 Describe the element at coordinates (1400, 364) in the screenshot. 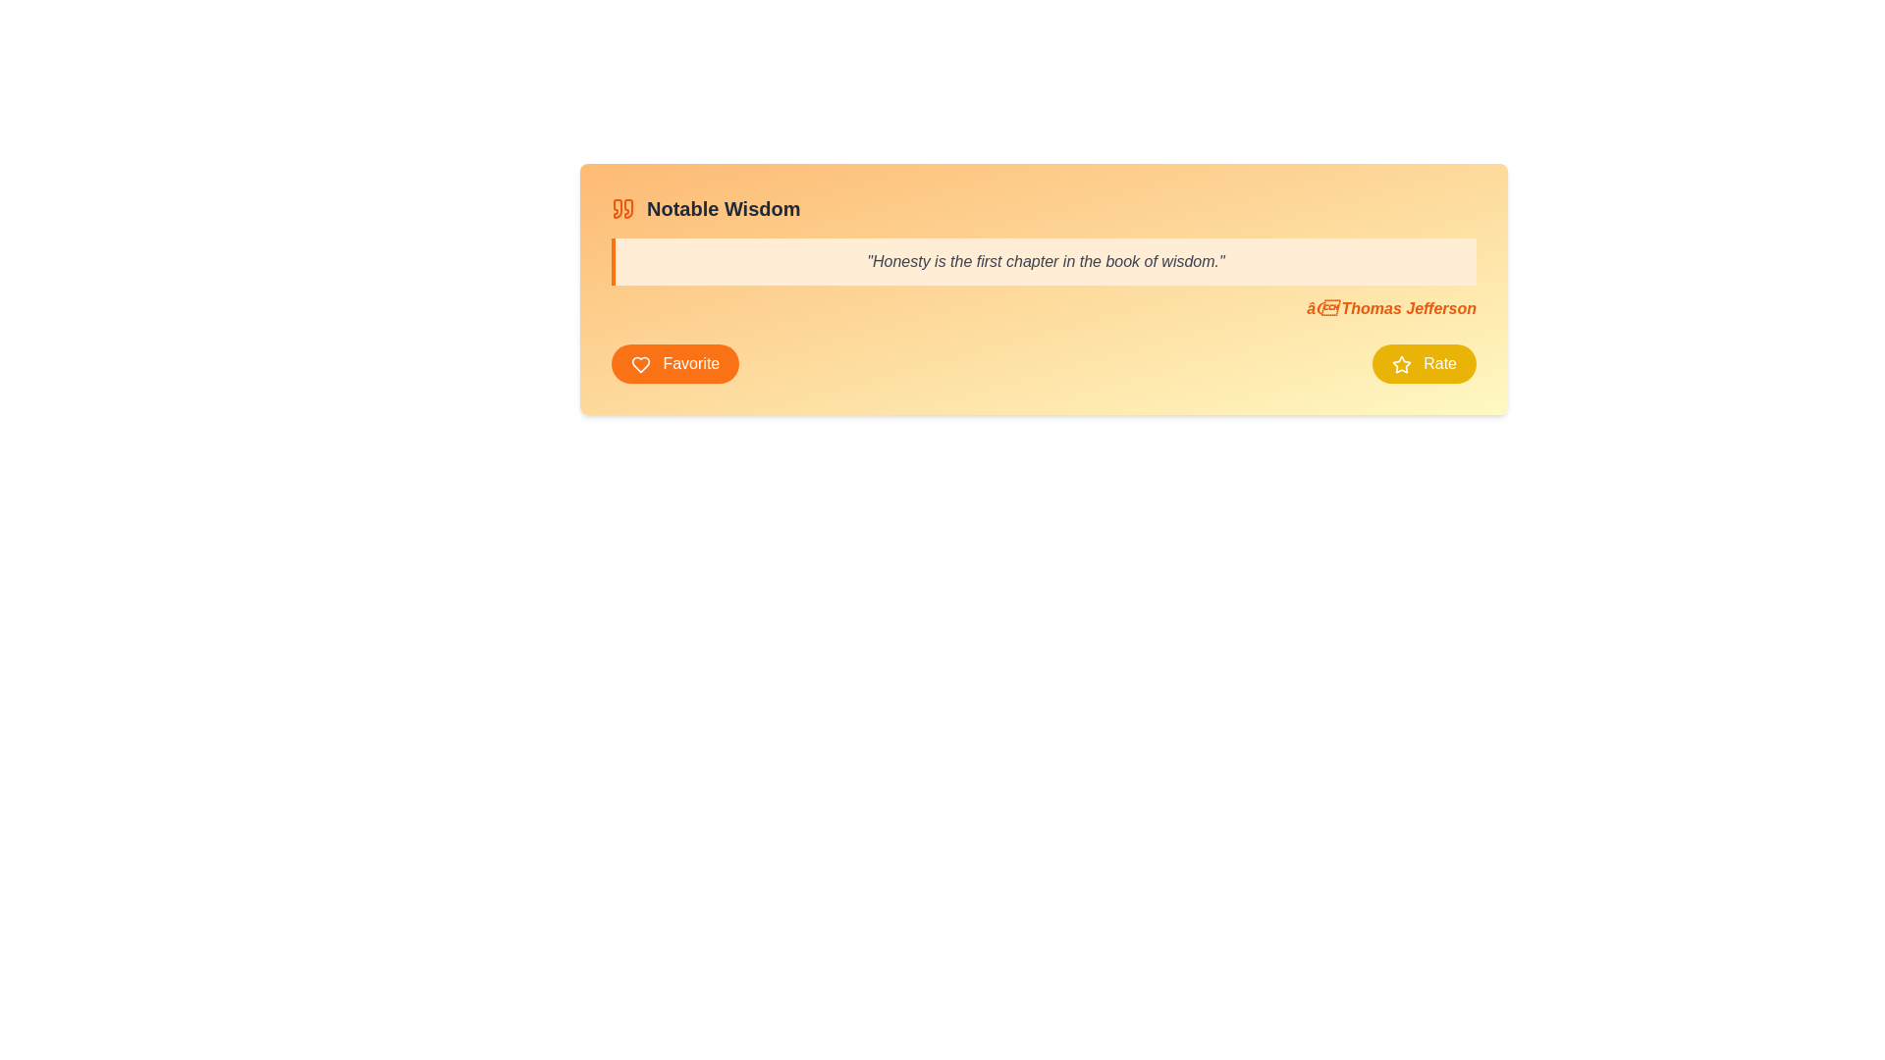

I see `the star icon located to the left of the 'Rate' text within the yellow button at the bottom-right corner of the card` at that location.